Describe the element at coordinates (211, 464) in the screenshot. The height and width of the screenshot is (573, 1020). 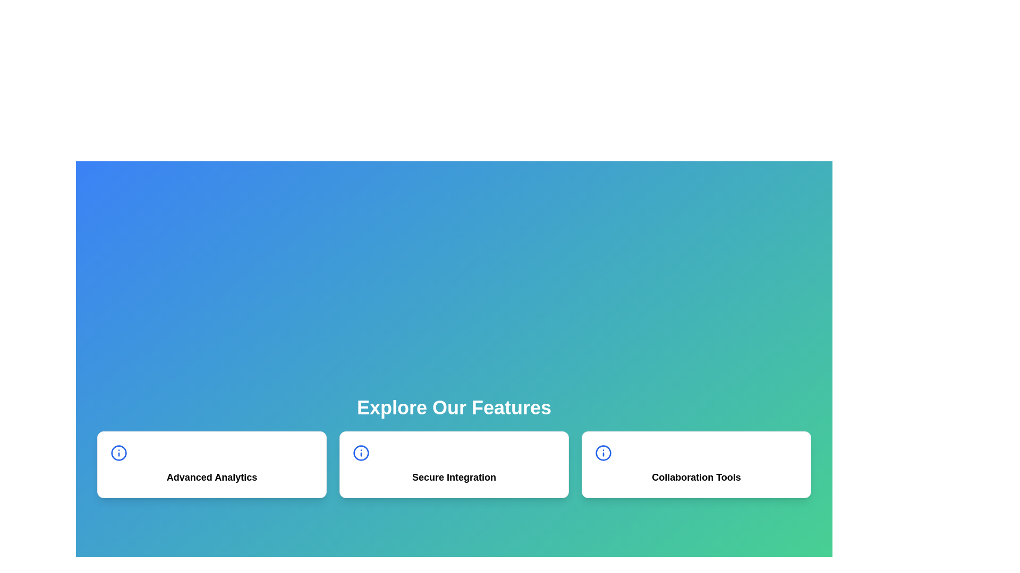
I see `the Informational card or tile that provides access to advanced analytics features, located in the top-left corner of the highlighted section` at that location.